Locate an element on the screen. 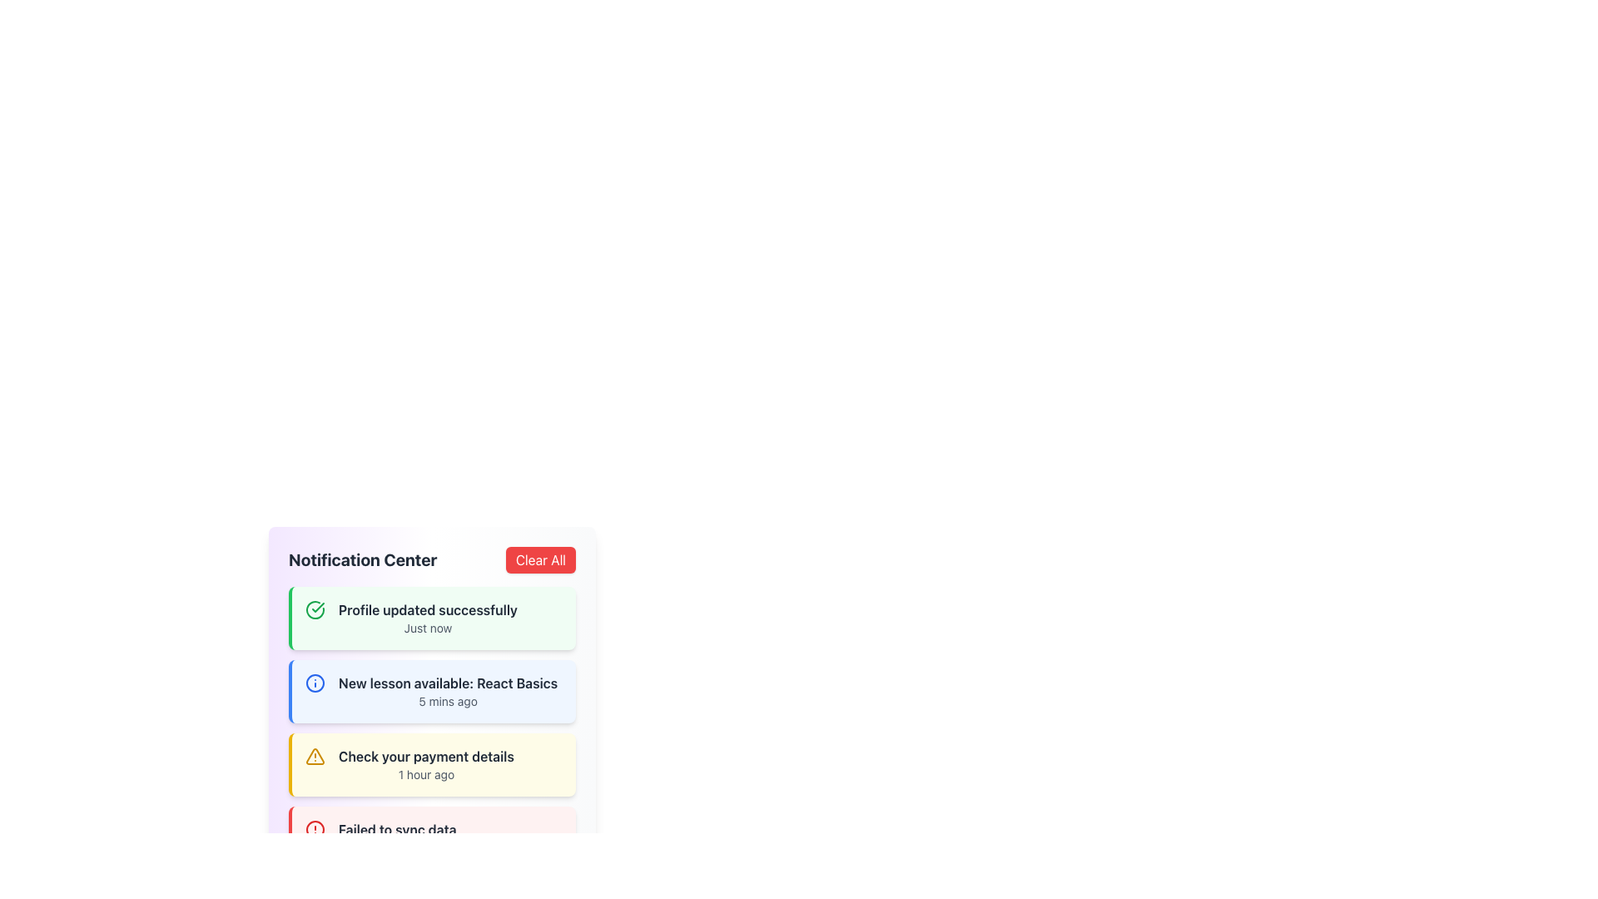 The image size is (1598, 899). the header label indicating the purpose or content of the notification center, located at the upper-left area of the notification panel is located at coordinates (362, 559).